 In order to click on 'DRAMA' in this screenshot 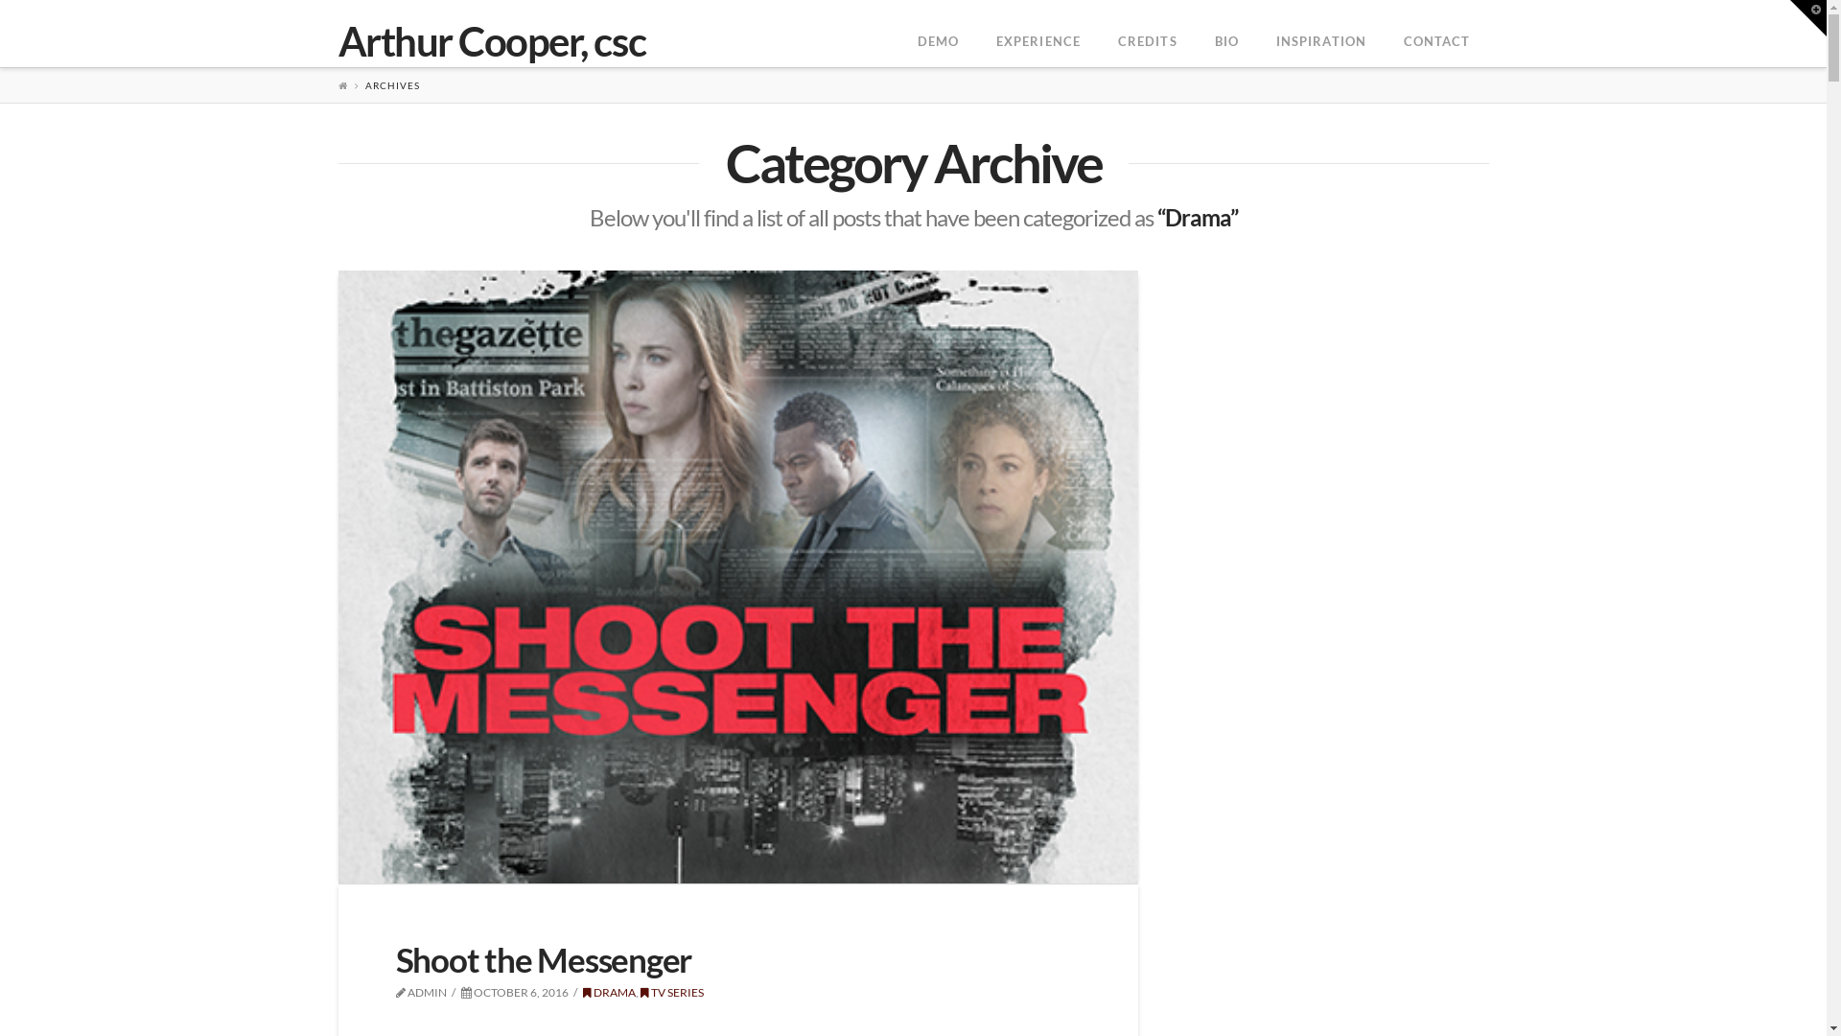, I will do `click(582, 992)`.